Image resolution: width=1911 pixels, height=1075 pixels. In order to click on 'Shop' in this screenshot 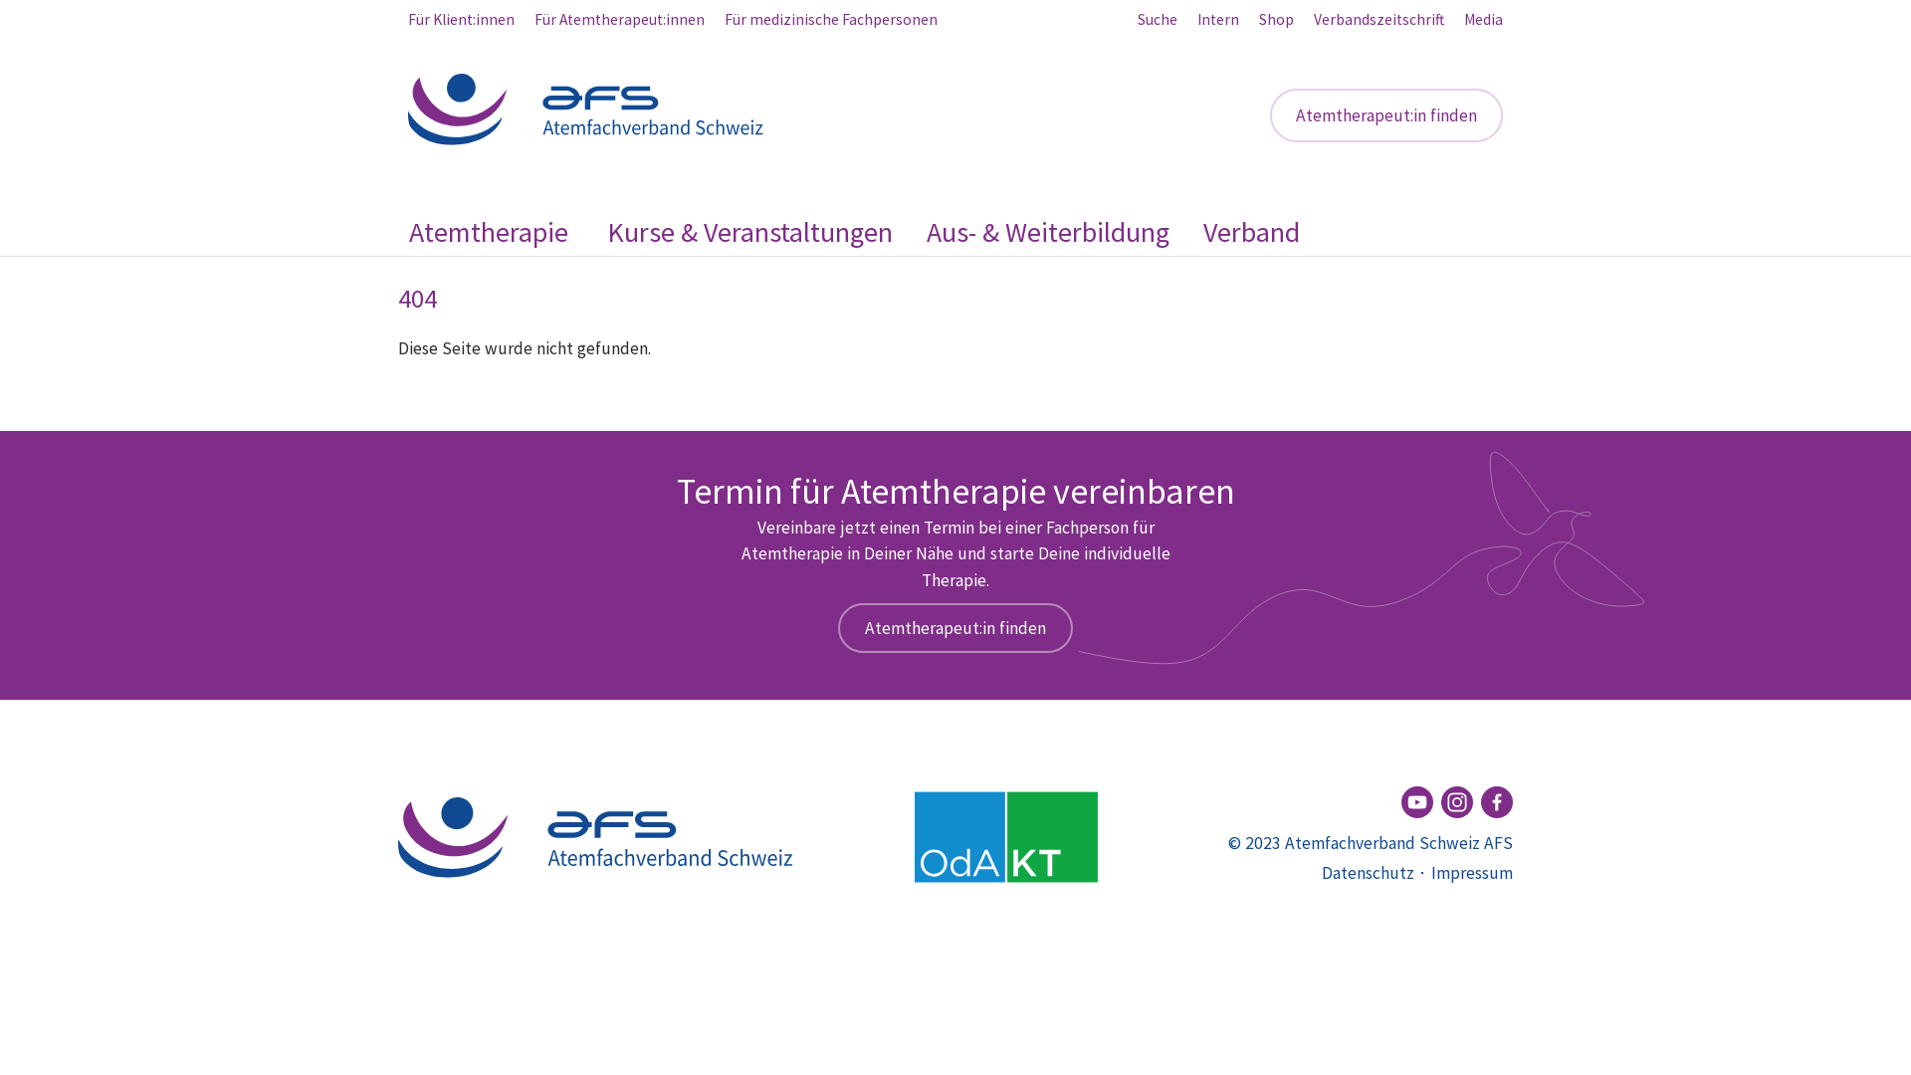, I will do `click(1258, 19)`.